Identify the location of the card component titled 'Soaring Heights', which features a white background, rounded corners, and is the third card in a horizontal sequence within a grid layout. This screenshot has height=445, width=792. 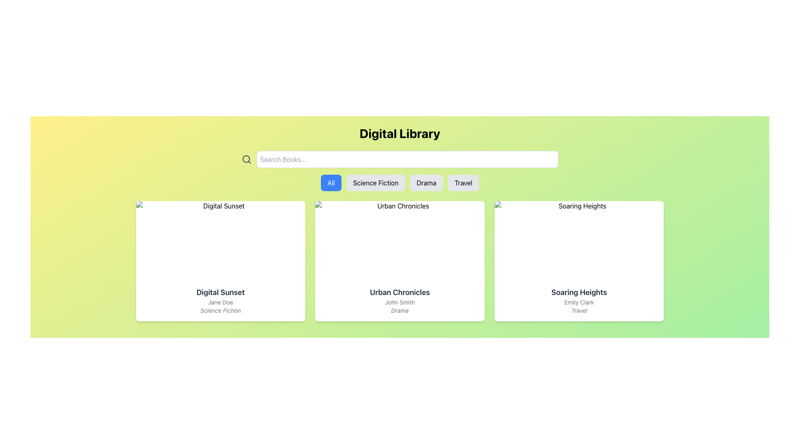
(579, 261).